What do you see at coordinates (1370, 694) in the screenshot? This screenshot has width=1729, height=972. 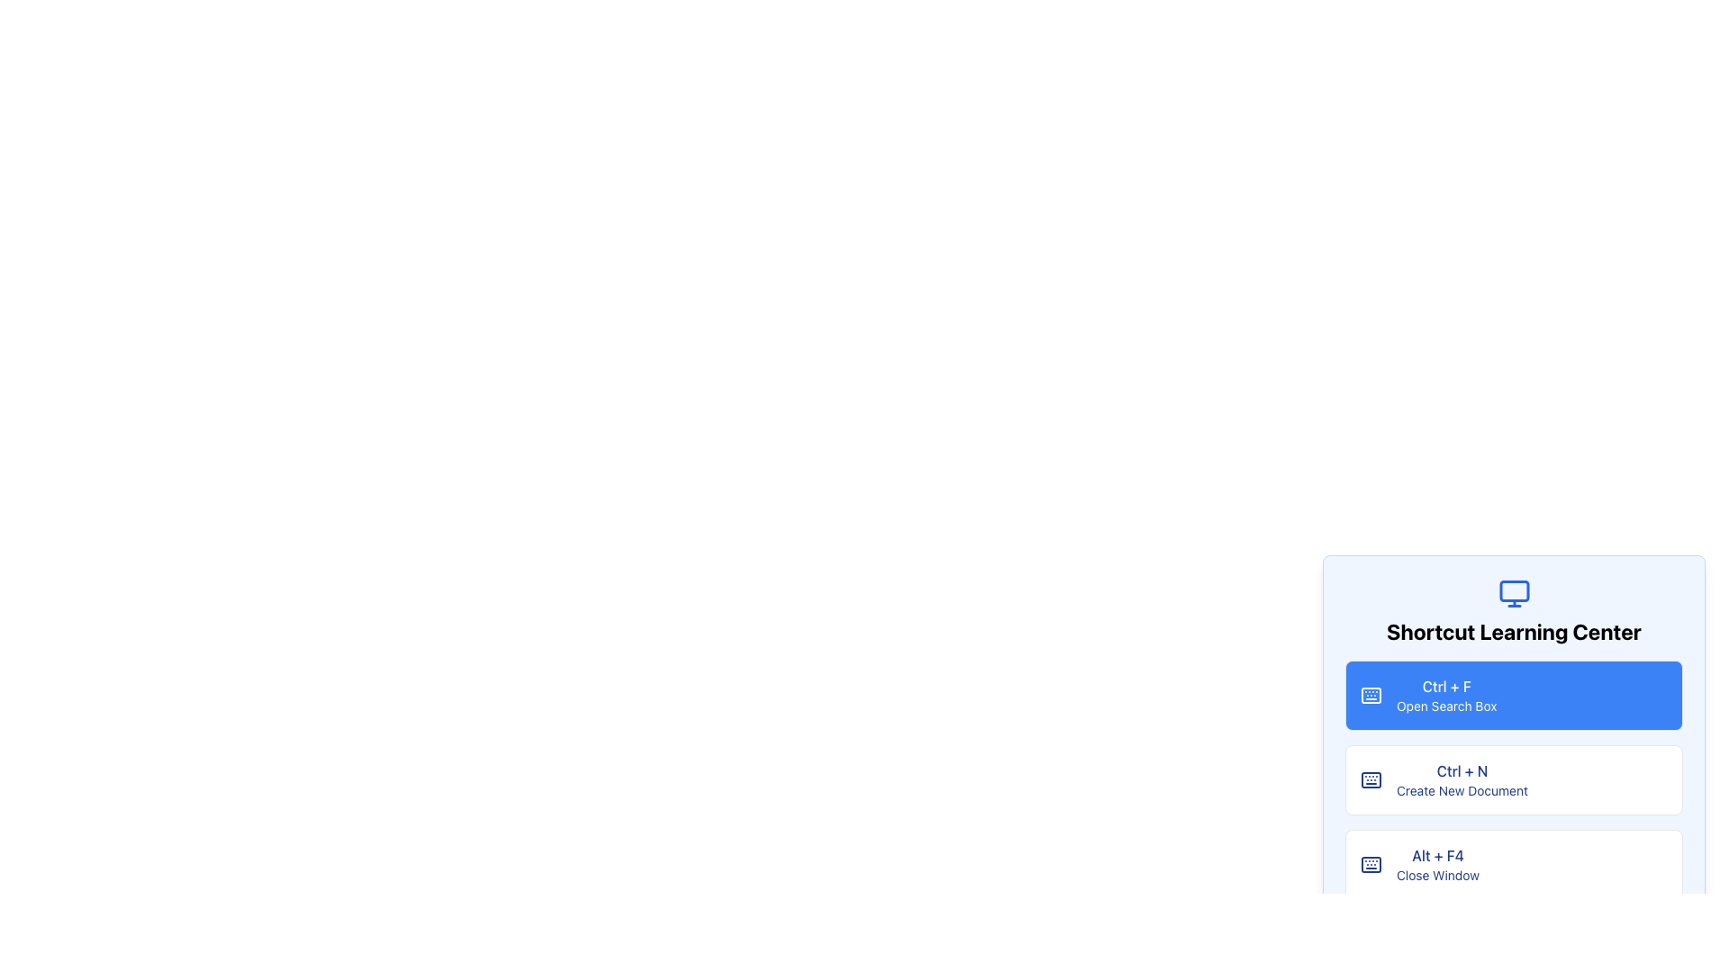 I see `the rounded rectangle element that represents part of the keyboard icon located in the top right corner of the 'Shortcut Learning Center' area` at bounding box center [1370, 694].